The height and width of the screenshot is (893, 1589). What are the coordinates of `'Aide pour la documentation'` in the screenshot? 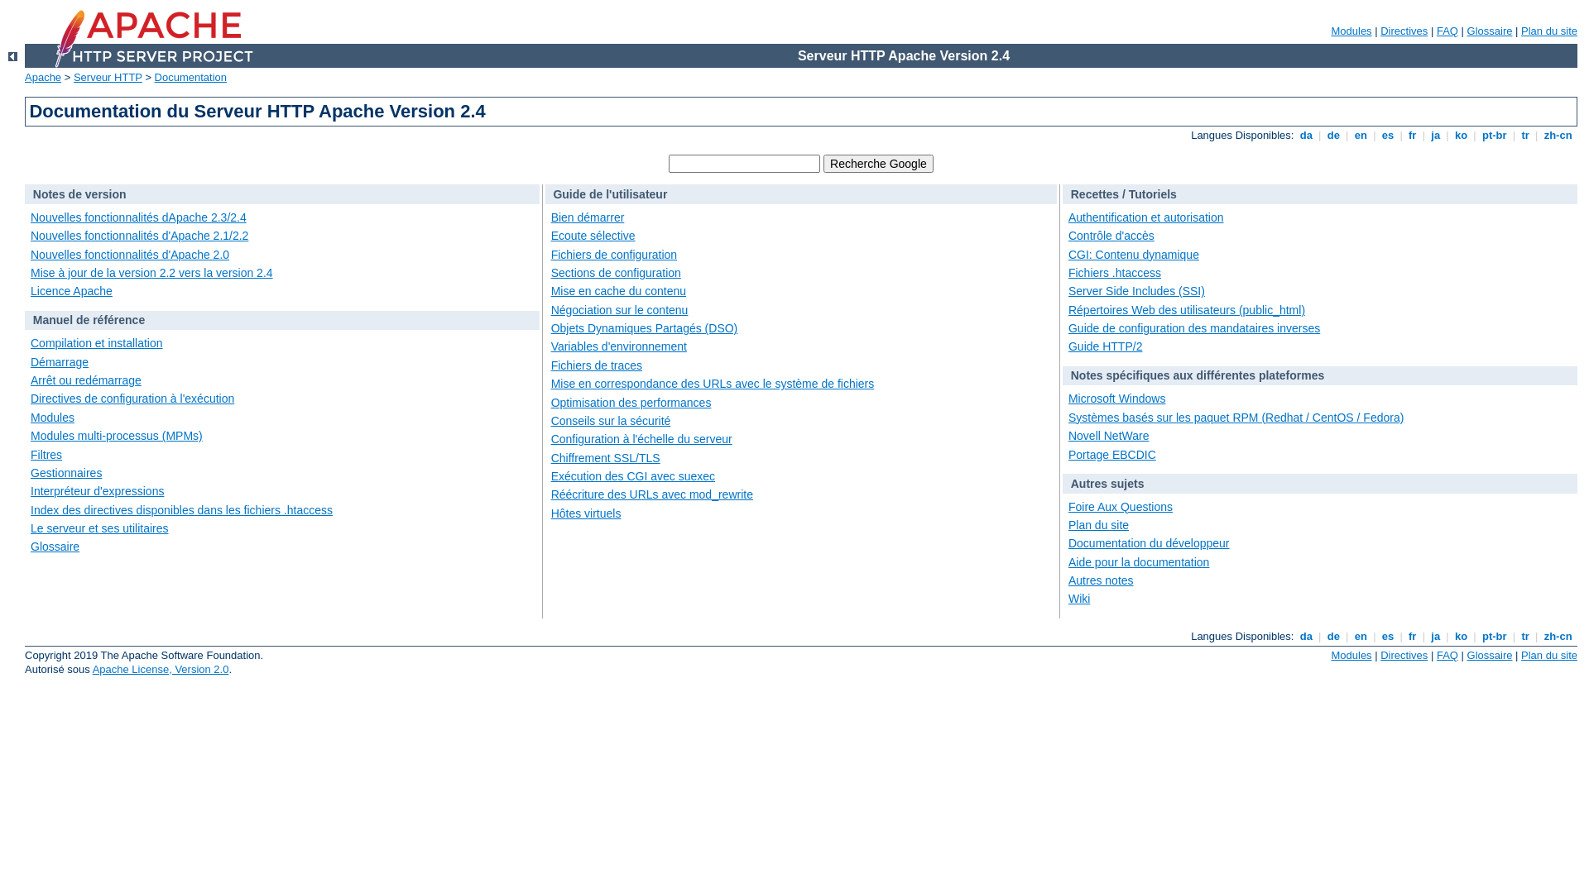 It's located at (1138, 561).